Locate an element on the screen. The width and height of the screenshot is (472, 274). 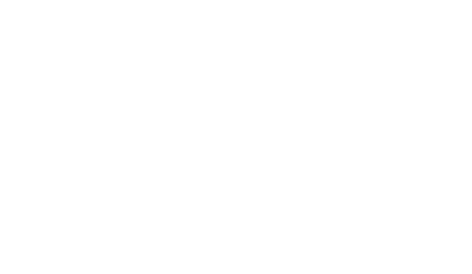
'Spotted par Simplystef' is located at coordinates (113, 19).